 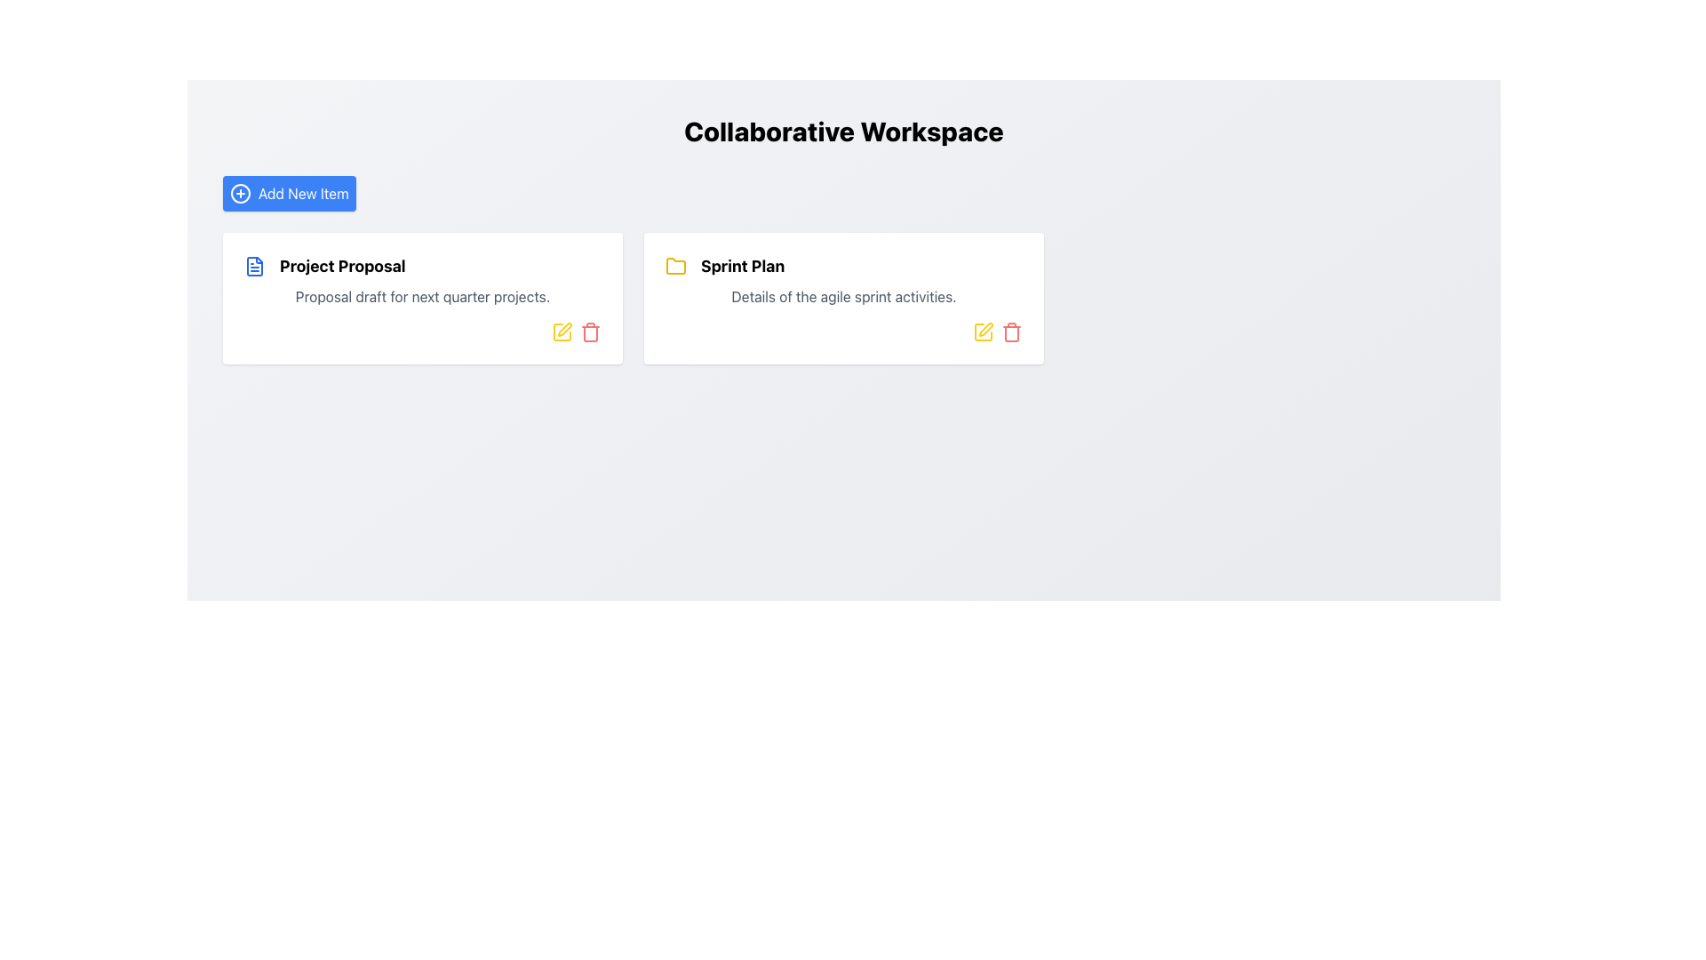 What do you see at coordinates (675, 267) in the screenshot?
I see `the folder icon representing the 'Sprint Plan' located on the right side of the content area, adjacent to the text 'Sprint Plan'` at bounding box center [675, 267].